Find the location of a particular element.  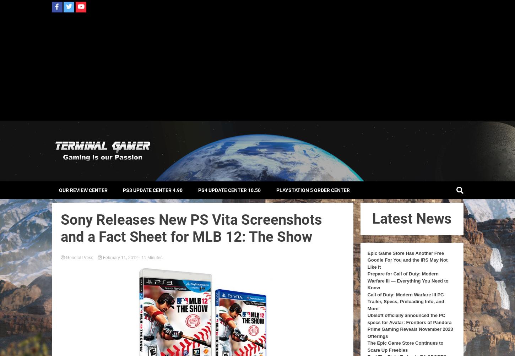

'Sony Releases New PS Vita Screenshots and a Fact Sheet for MLB 12: The Show' is located at coordinates (191, 228).